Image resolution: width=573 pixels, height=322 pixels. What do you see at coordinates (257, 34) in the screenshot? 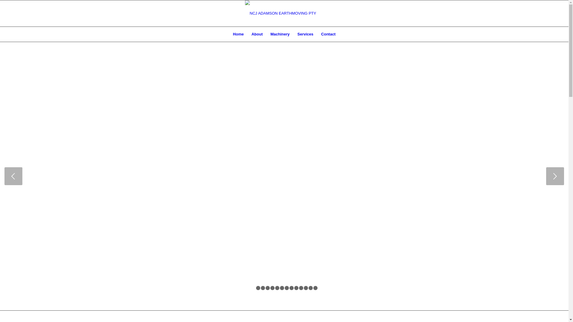
I see `'About'` at bounding box center [257, 34].